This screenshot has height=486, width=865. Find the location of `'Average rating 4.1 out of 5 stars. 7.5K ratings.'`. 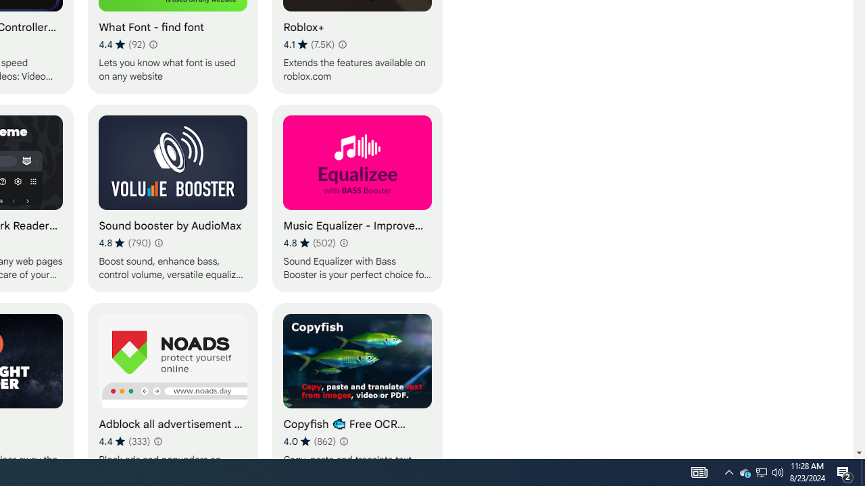

'Average rating 4.1 out of 5 stars. 7.5K ratings.' is located at coordinates (308, 44).